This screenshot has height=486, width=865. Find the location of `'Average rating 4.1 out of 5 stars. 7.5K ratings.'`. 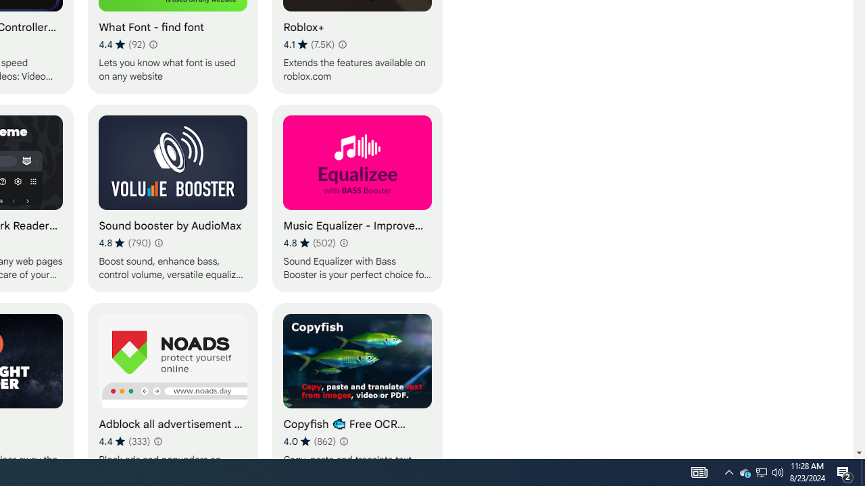

'Average rating 4.1 out of 5 stars. 7.5K ratings.' is located at coordinates (308, 44).